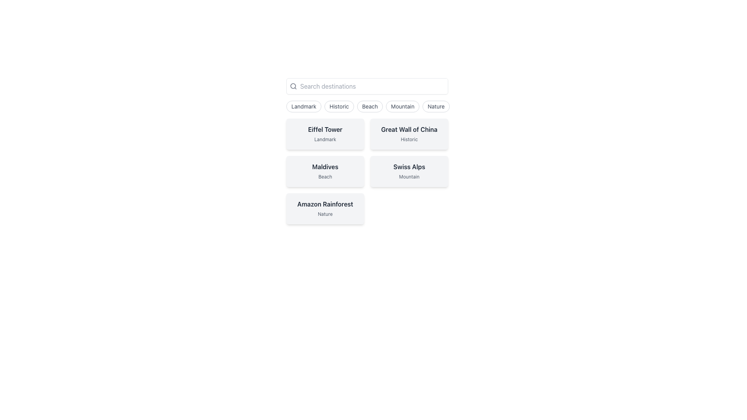  I want to click on the 'Maldives' destination card or tile located in the middle-left cell of the 2nd row in the grid, so click(325, 171).